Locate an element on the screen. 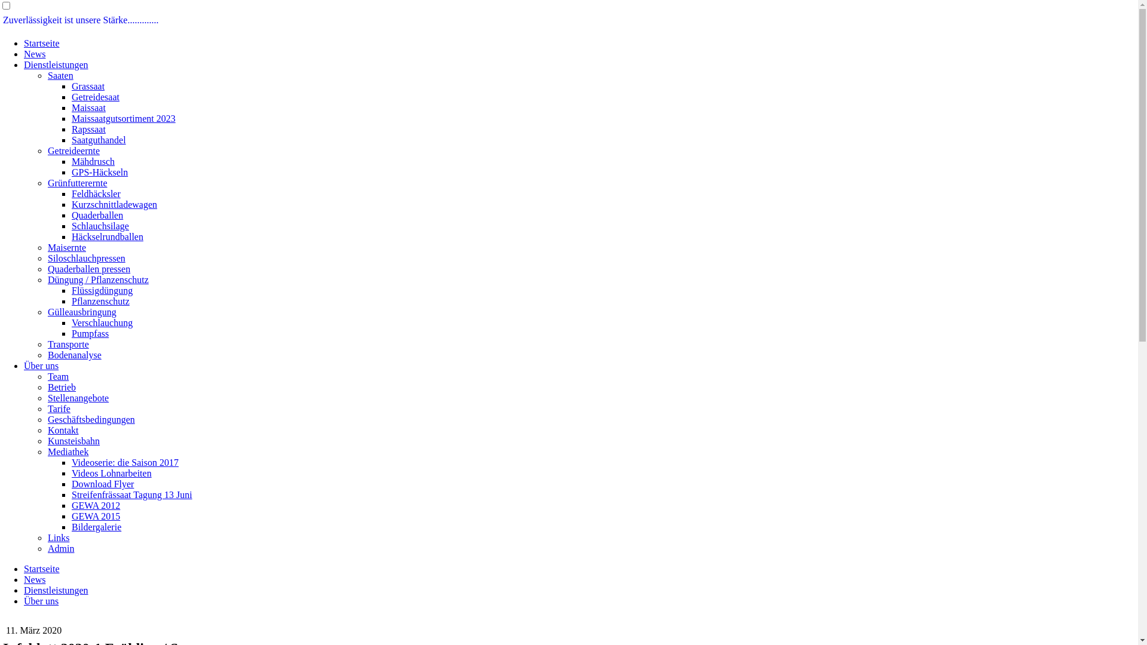  'Tarife' is located at coordinates (48, 408).